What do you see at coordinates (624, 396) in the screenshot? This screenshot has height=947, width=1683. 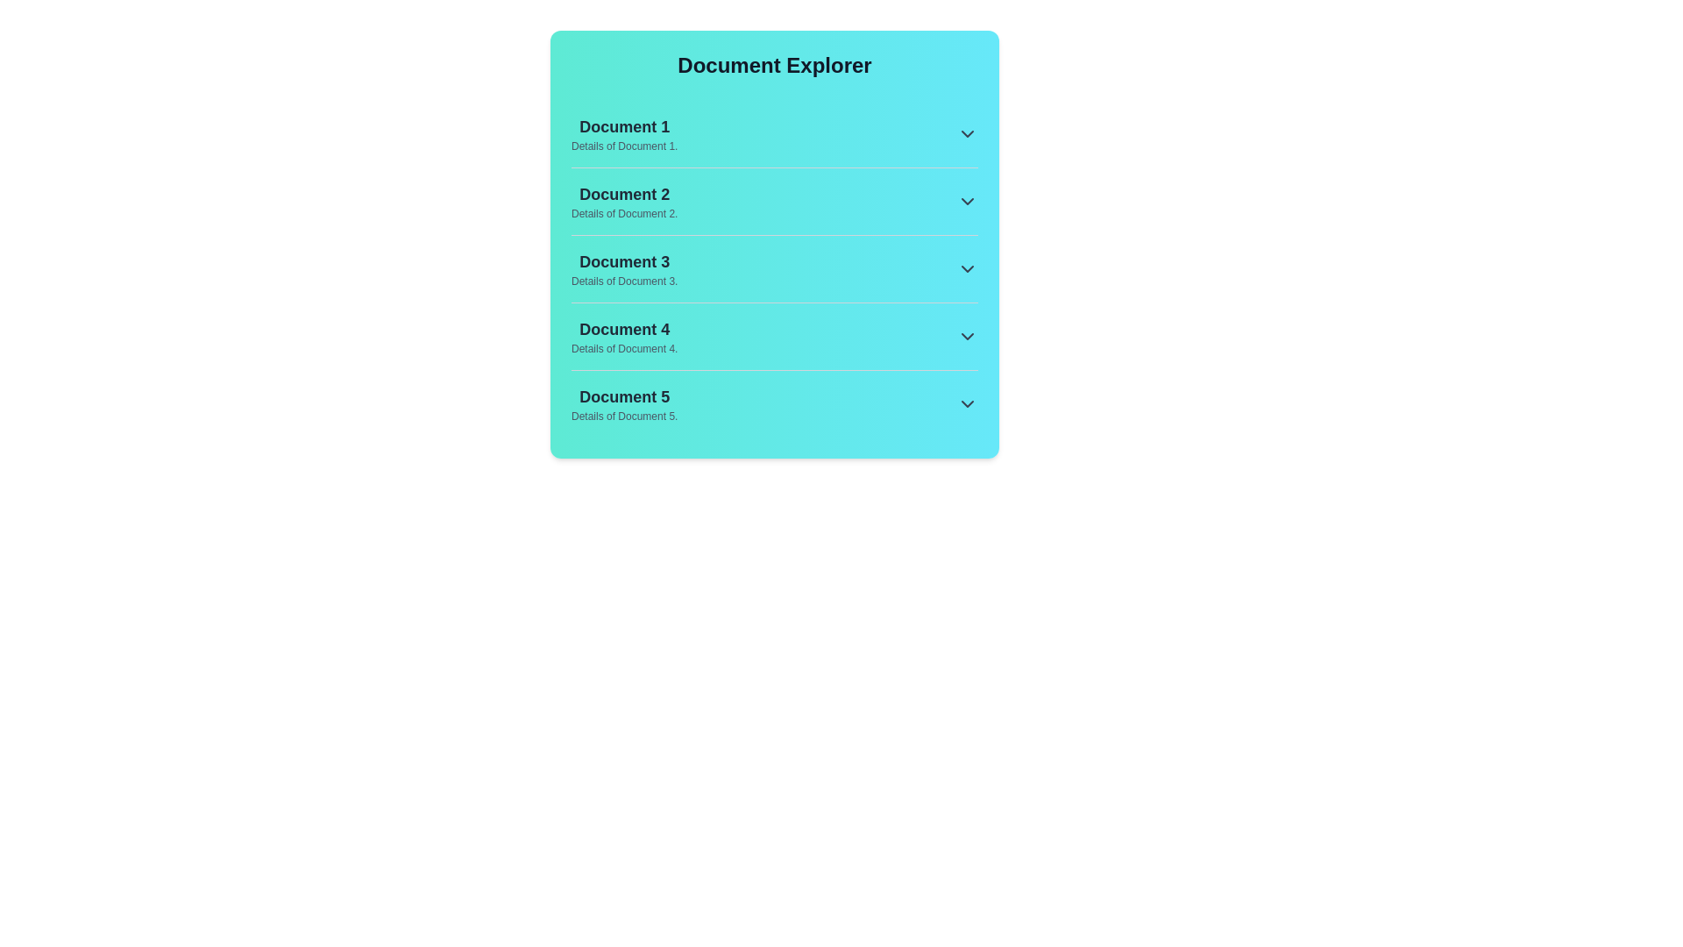 I see `the title and description of document 5` at bounding box center [624, 396].